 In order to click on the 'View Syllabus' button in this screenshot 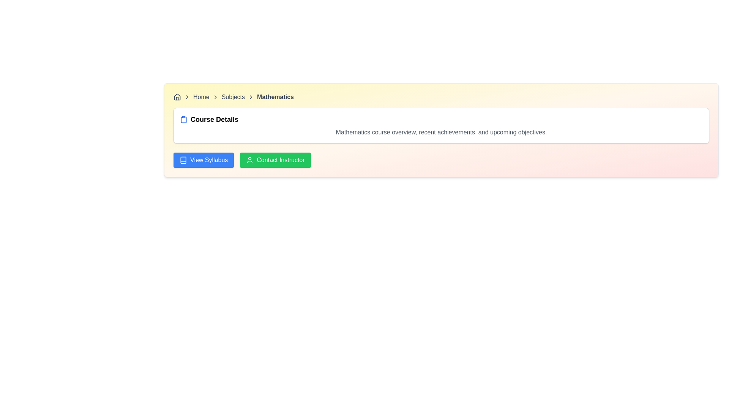, I will do `click(204, 159)`.